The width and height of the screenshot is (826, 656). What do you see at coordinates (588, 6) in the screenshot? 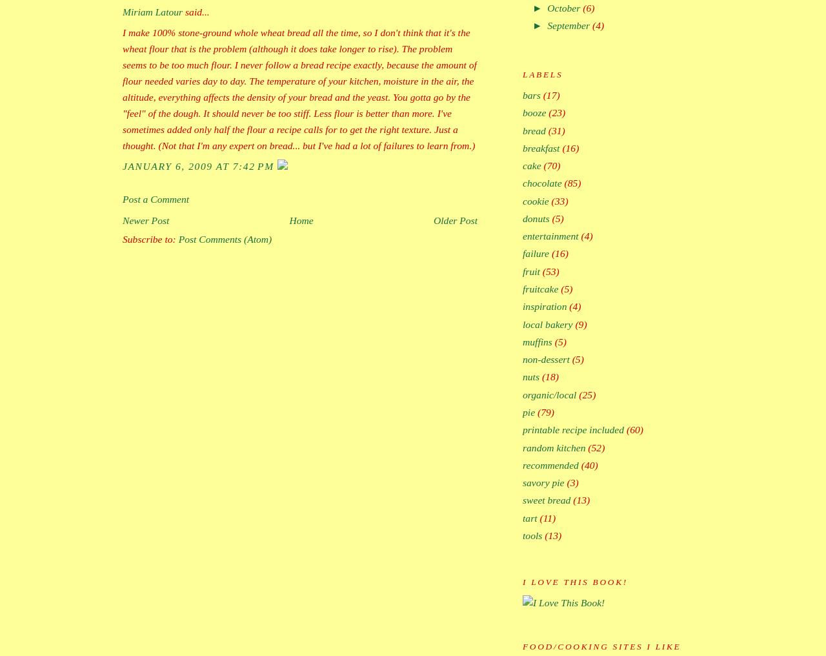
I see `'(6)'` at bounding box center [588, 6].